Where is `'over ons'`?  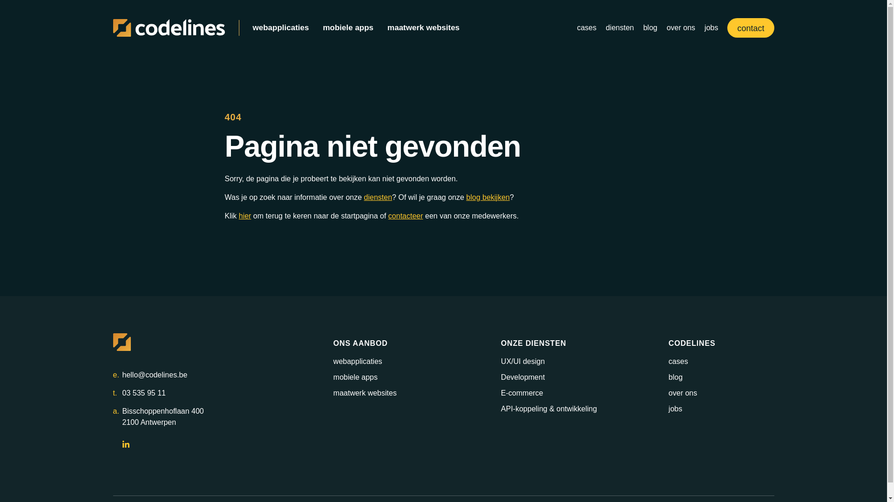 'over ons' is located at coordinates (683, 393).